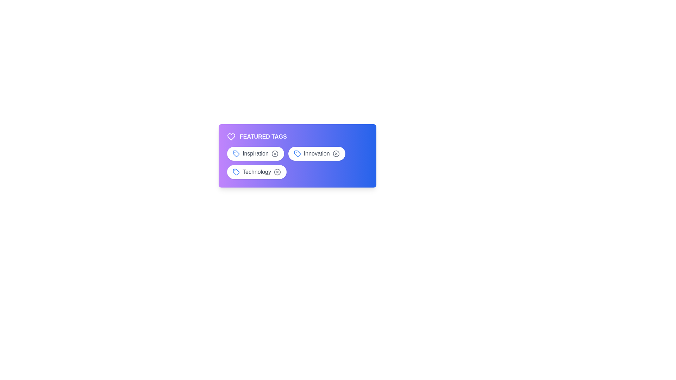  I want to click on the button located on the right side of the pill-shaped tag labeled 'Innovation', so click(336, 153).